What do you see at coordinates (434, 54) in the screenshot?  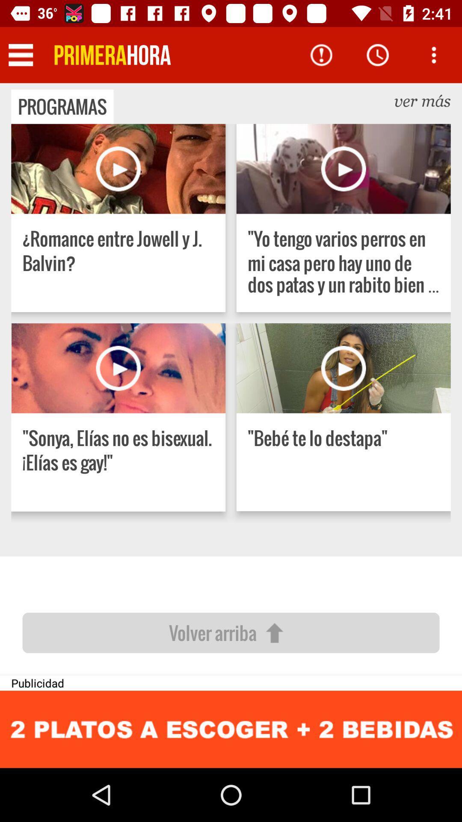 I see `open options` at bounding box center [434, 54].